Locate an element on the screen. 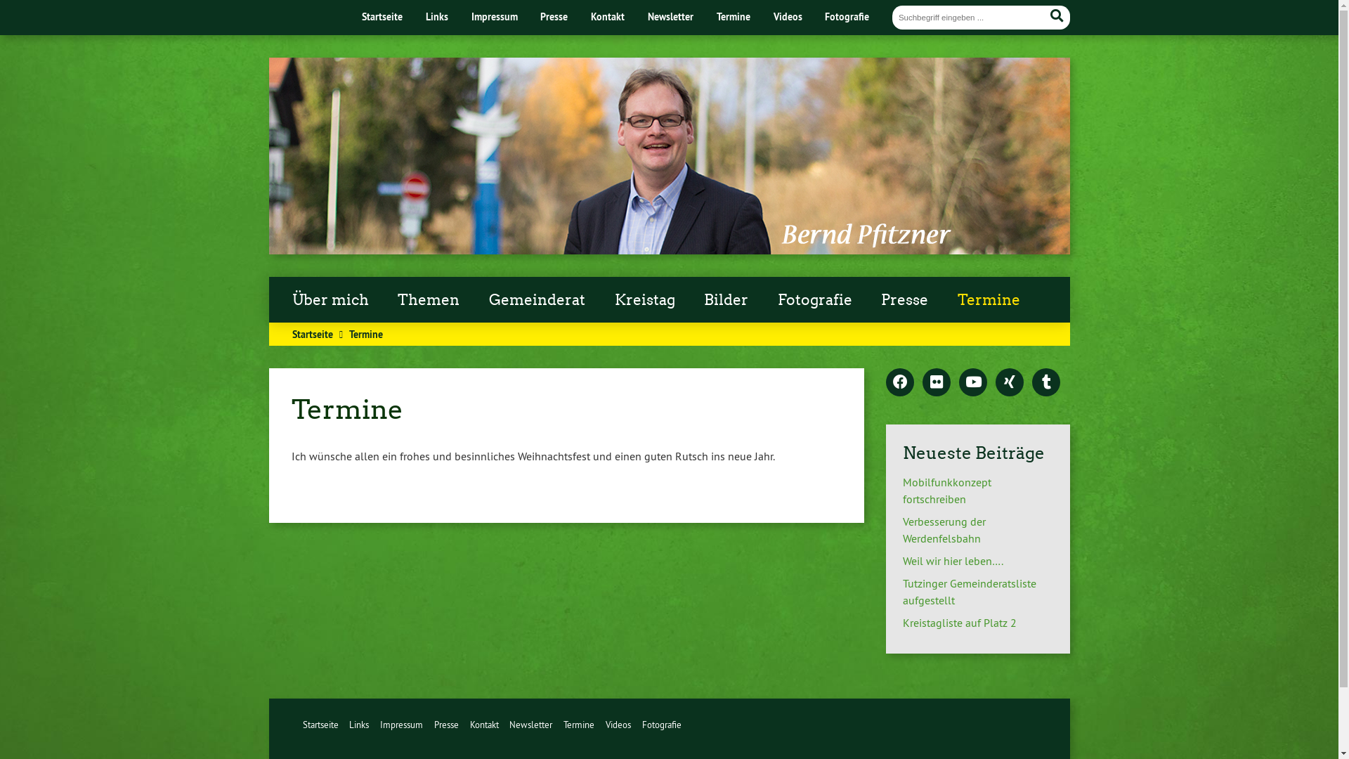  'YouTube' is located at coordinates (972, 382).